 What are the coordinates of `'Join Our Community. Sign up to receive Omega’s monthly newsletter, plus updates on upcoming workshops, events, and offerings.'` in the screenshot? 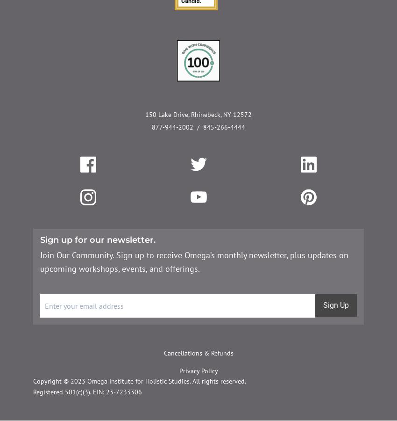 It's located at (194, 261).